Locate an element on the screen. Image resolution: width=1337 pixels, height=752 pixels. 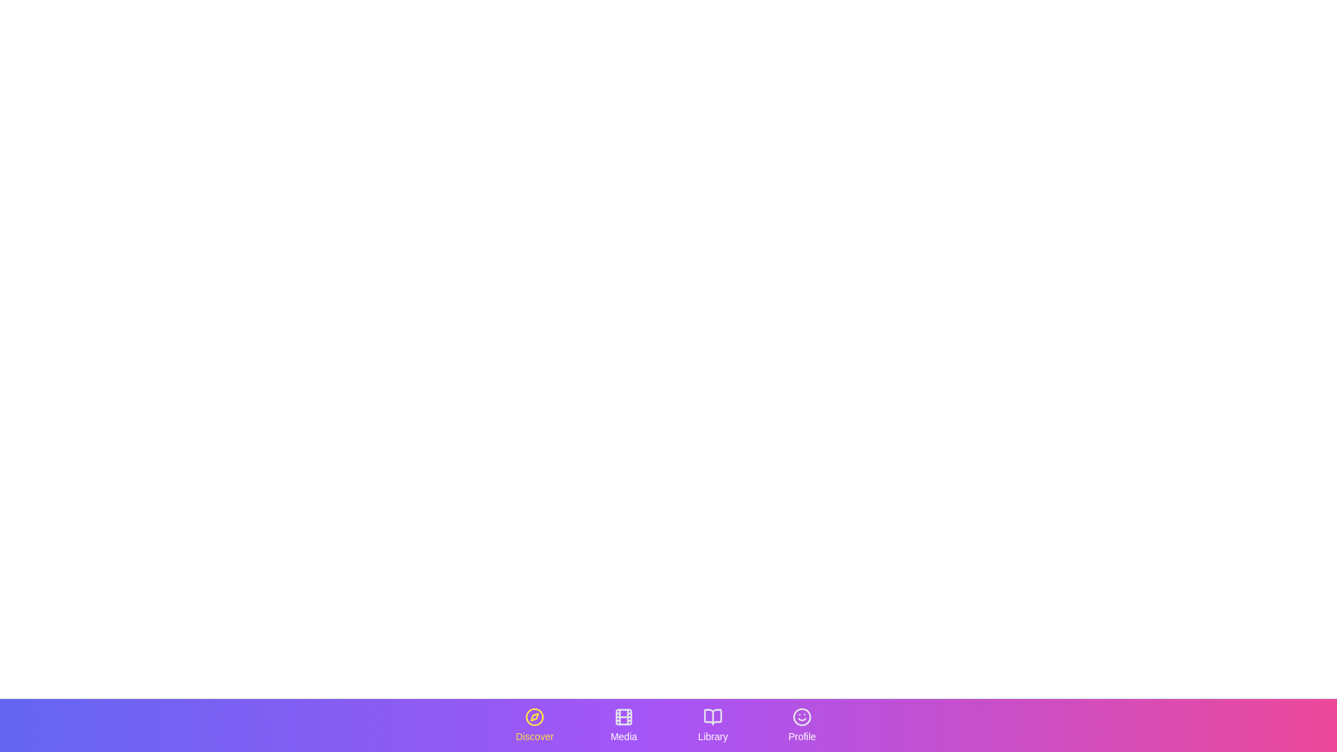
the tab labeled Media is located at coordinates (623, 724).